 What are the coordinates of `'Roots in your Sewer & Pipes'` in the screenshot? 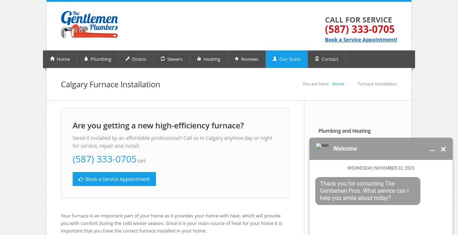 It's located at (322, 209).